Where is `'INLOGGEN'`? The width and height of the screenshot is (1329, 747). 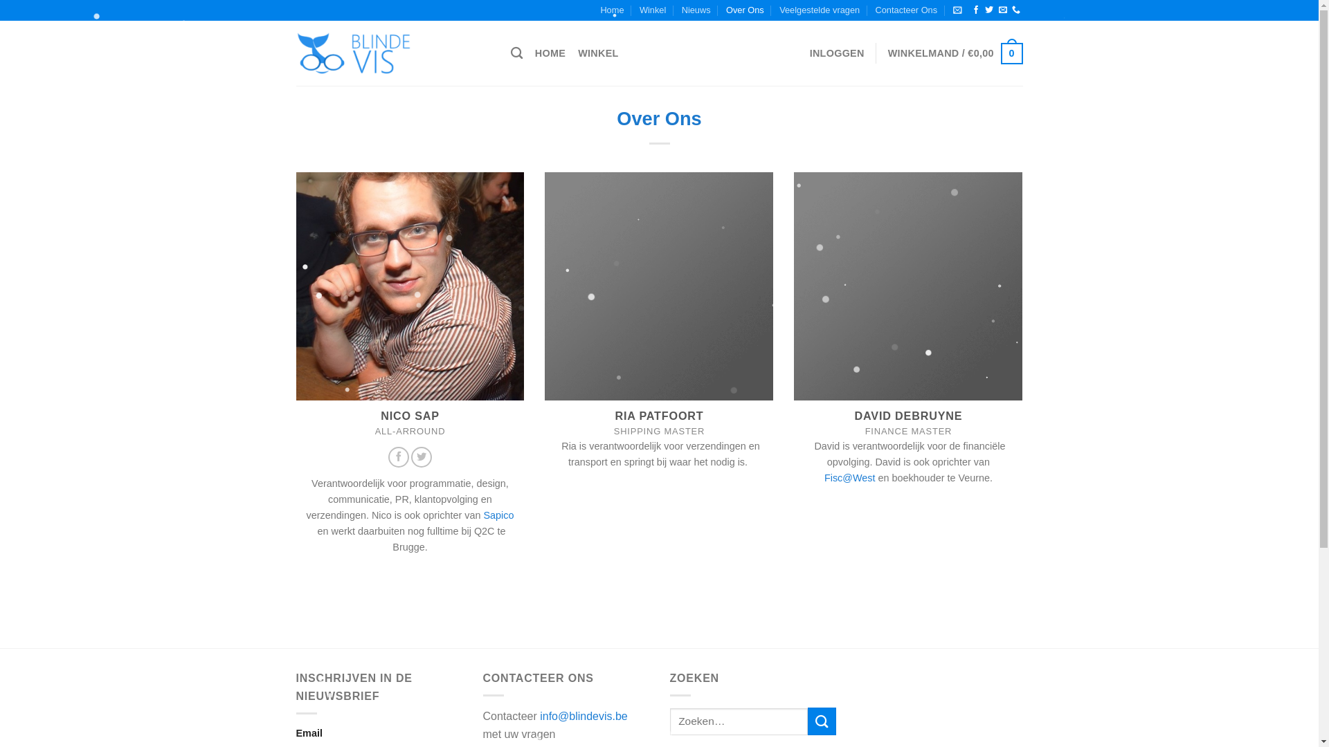
'INLOGGEN' is located at coordinates (836, 53).